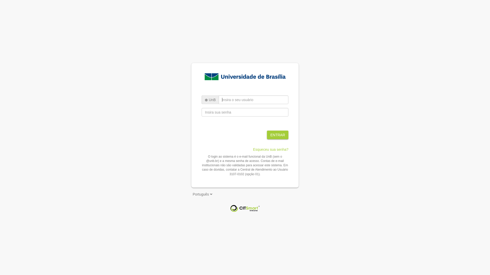  What do you see at coordinates (270, 149) in the screenshot?
I see `'Esqueceu sua senha?'` at bounding box center [270, 149].